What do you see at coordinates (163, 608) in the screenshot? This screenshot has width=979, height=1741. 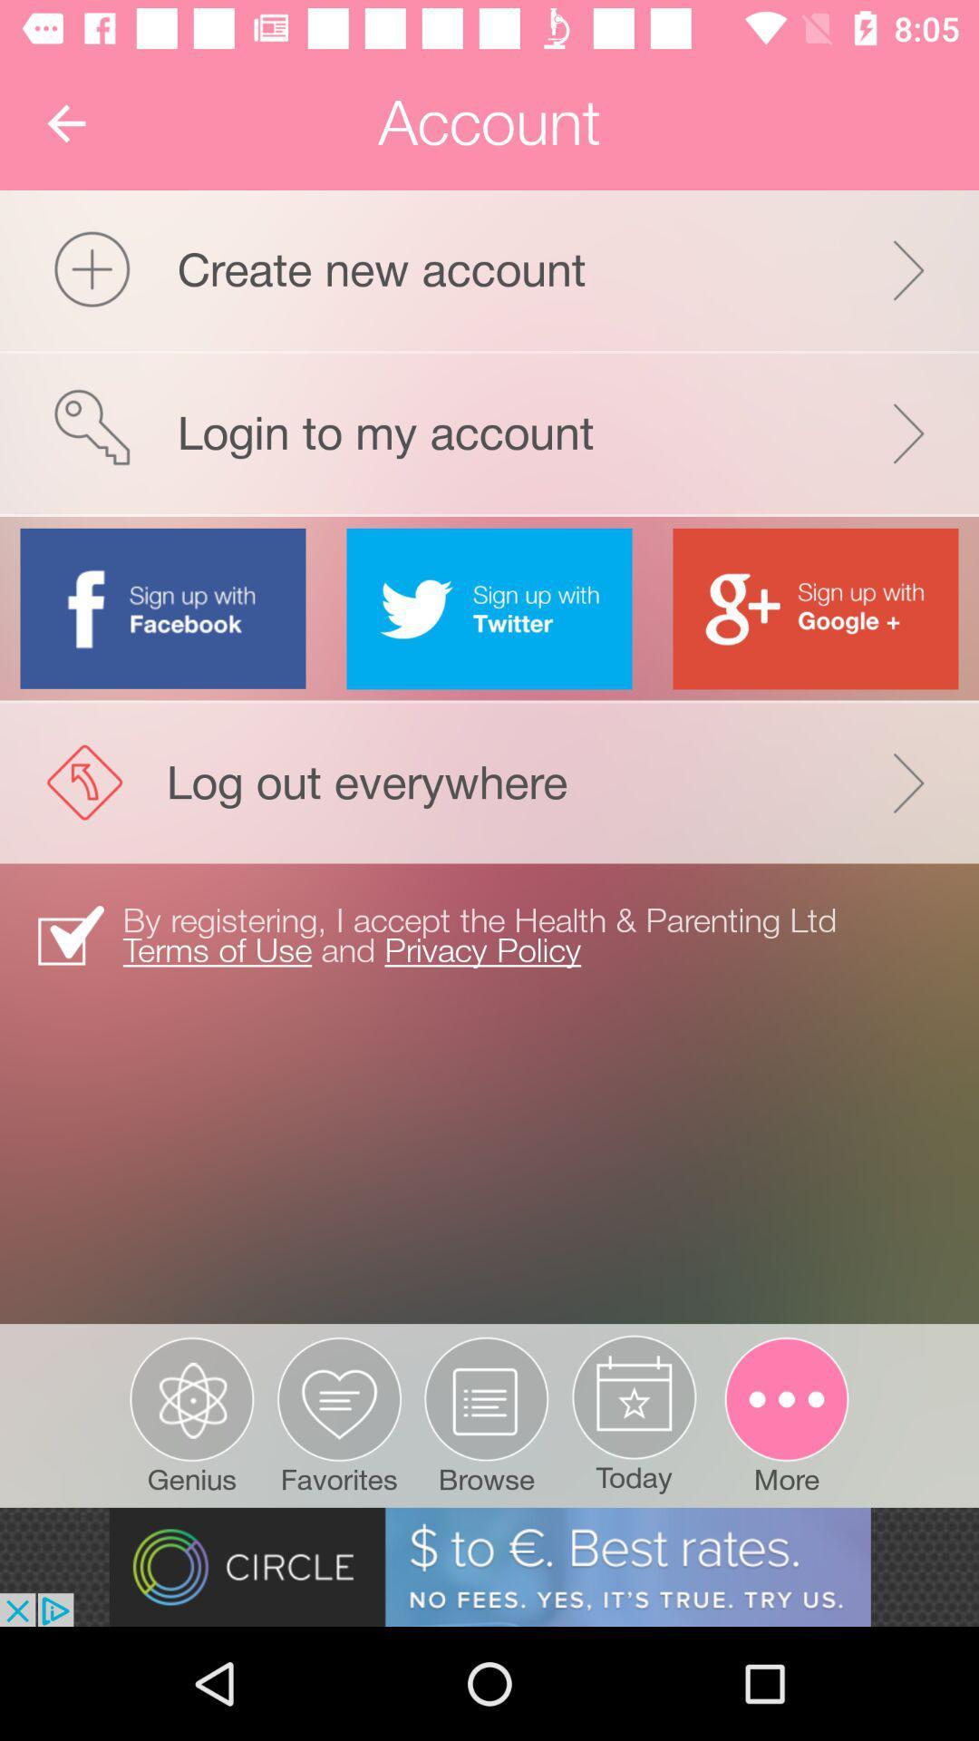 I see `access by facebook` at bounding box center [163, 608].